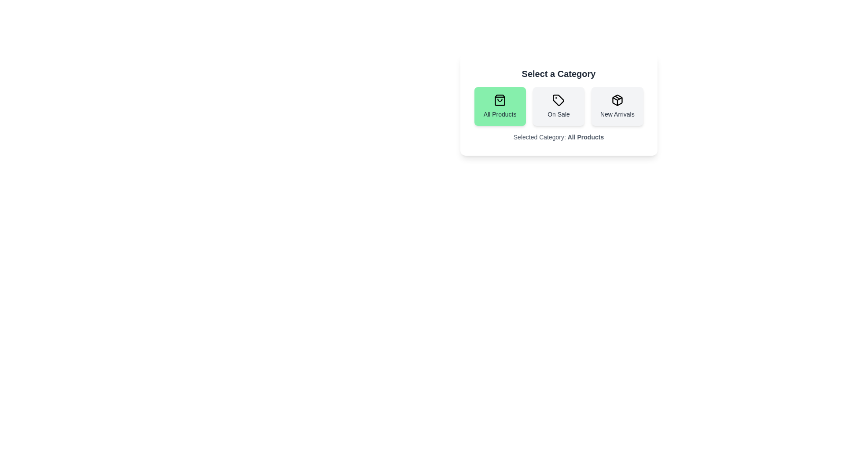  I want to click on the 'All Products' button to select the 'All Products' category, so click(500, 106).